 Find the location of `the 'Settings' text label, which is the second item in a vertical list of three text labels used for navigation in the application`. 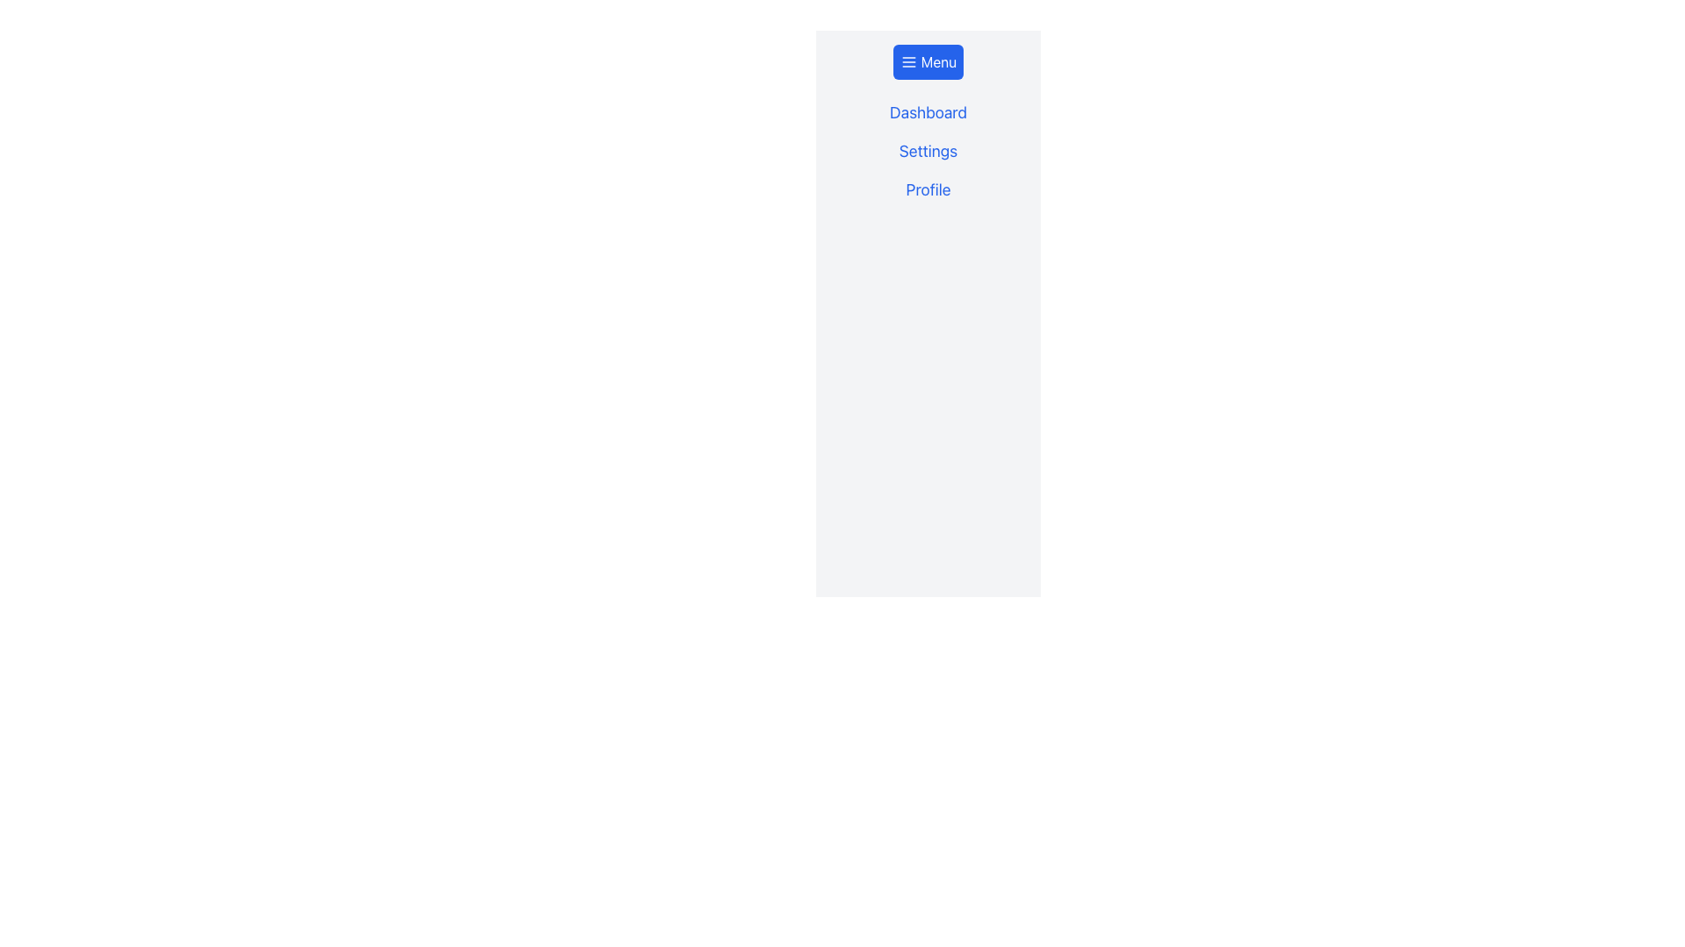

the 'Settings' text label, which is the second item in a vertical list of three text labels used for navigation in the application is located at coordinates (927, 151).